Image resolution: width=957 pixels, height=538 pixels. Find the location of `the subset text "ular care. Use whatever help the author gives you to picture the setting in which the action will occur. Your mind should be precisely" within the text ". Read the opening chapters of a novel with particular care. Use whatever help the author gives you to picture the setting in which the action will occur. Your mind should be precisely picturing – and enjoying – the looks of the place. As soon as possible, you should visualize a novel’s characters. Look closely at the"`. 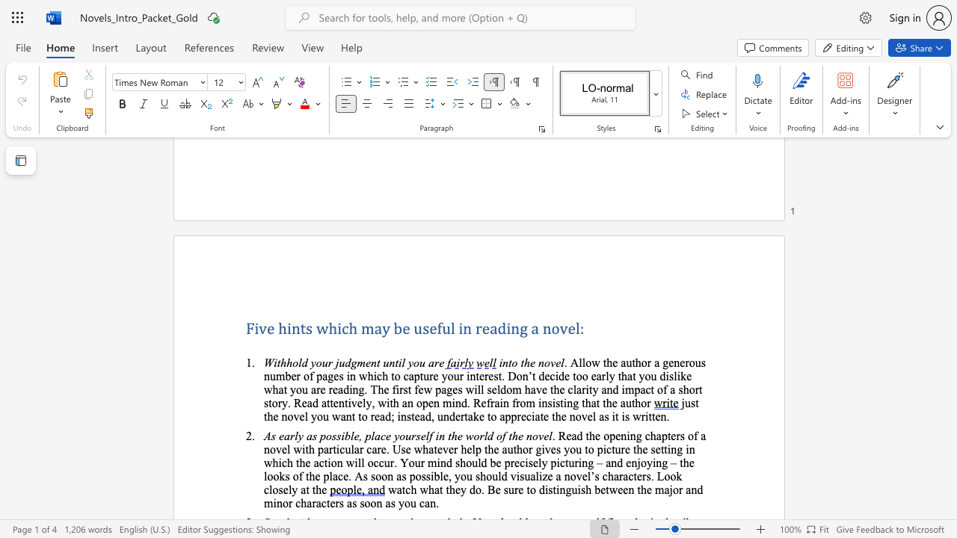

the subset text "ular care. Use whatever help the author gives you to picture the setting in which the action will occur. Your mind should be precisely" within the text ". Read the opening chapters of a novel with particular care. Use whatever help the author gives you to picture the setting in which the action will occur. Your mind should be precisely picturing – and enjoying – the looks of the place. As soon as possible, you should visualize a novel’s characters. Look closely at the" is located at coordinates (344, 448).